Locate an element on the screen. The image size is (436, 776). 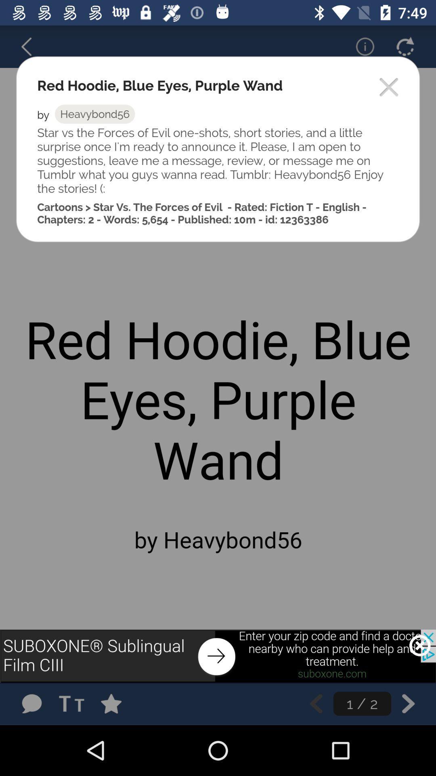
the info icon is located at coordinates (359, 46).